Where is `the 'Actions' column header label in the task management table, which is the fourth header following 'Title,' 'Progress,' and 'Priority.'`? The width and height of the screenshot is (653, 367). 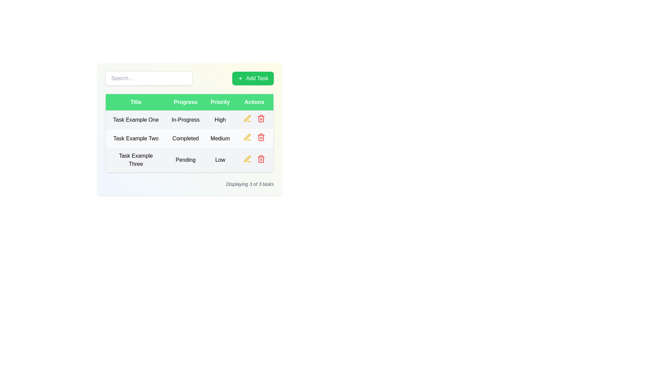 the 'Actions' column header label in the task management table, which is the fourth header following 'Title,' 'Progress,' and 'Priority.' is located at coordinates (254, 102).